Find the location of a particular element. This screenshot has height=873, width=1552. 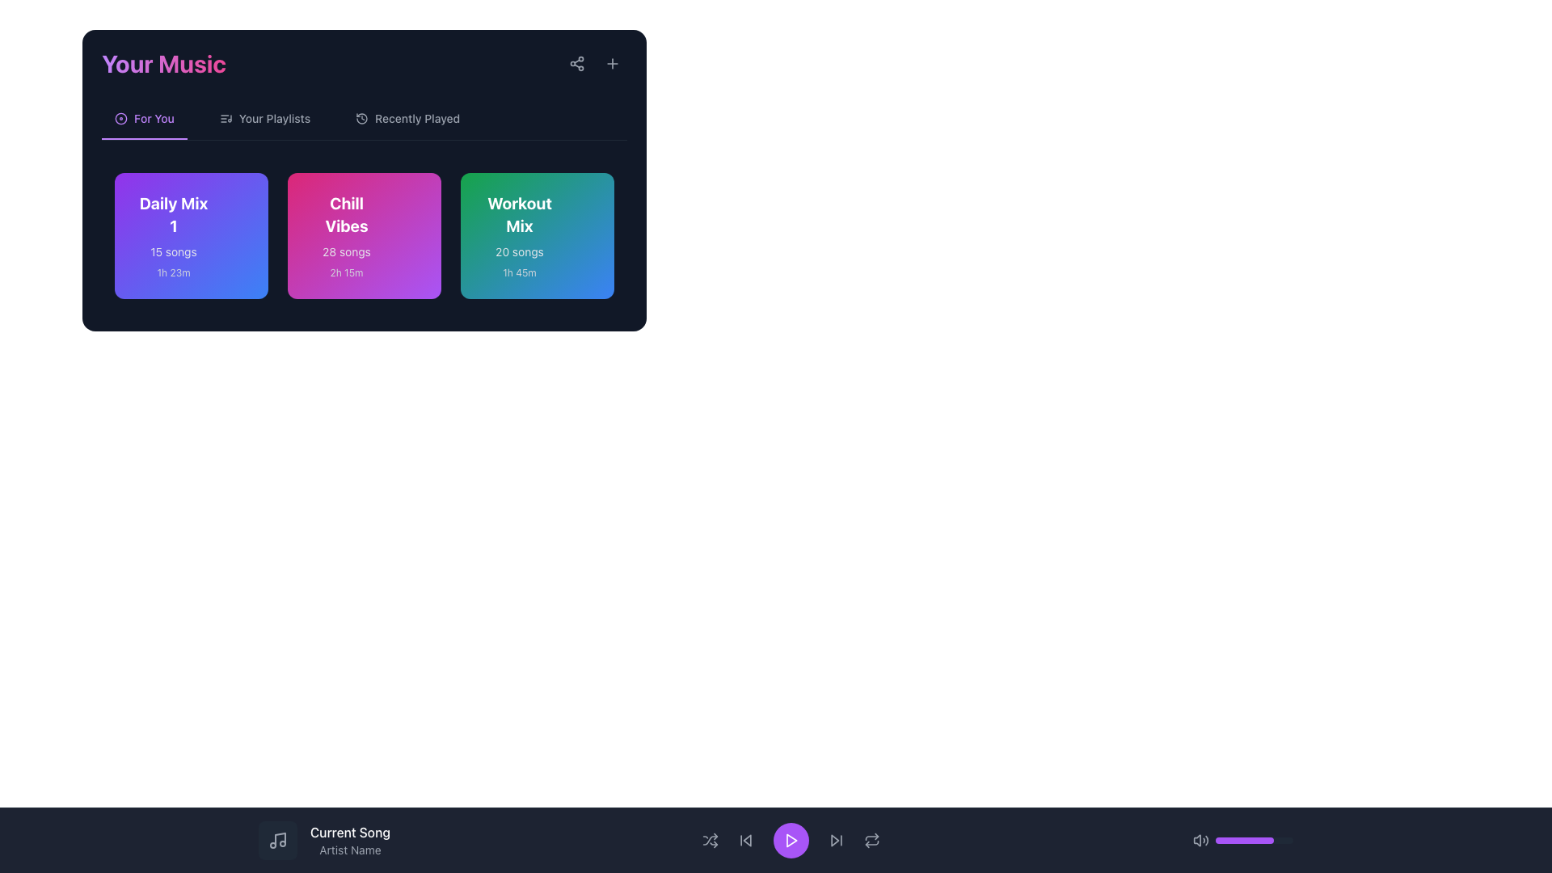

the icon associated with the 'For You' section, which is positioned directly to the left of the 'For You' label in the top navigation section is located at coordinates (120, 117).